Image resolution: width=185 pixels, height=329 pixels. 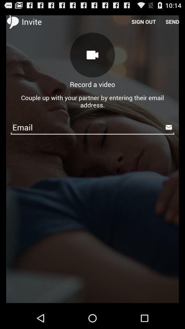 What do you see at coordinates (143, 21) in the screenshot?
I see `sign out icon` at bounding box center [143, 21].